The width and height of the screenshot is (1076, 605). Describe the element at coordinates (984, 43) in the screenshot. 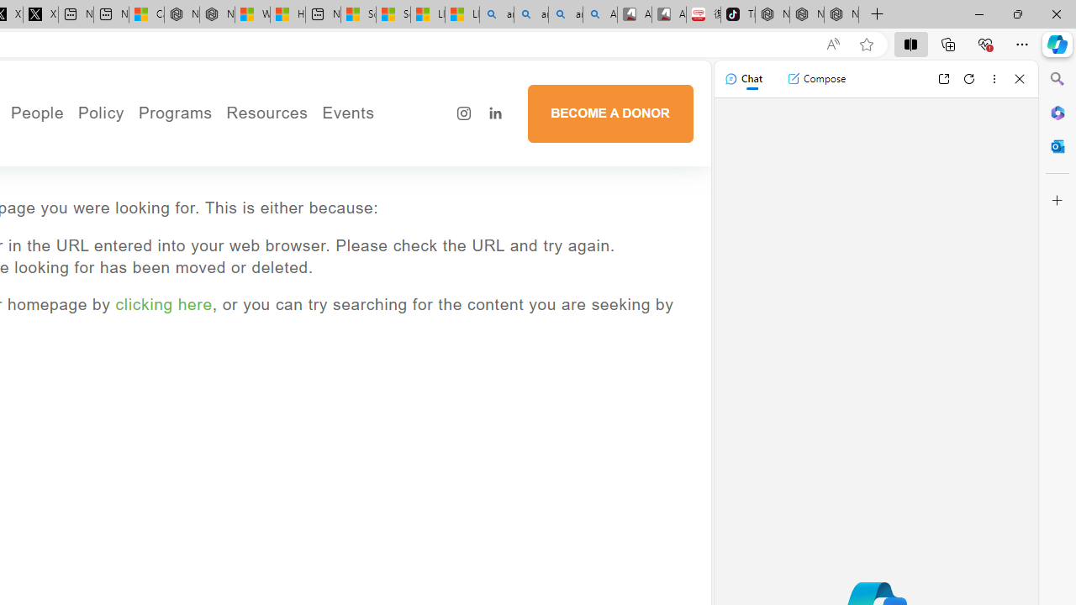

I see `'Browser essentials'` at that location.